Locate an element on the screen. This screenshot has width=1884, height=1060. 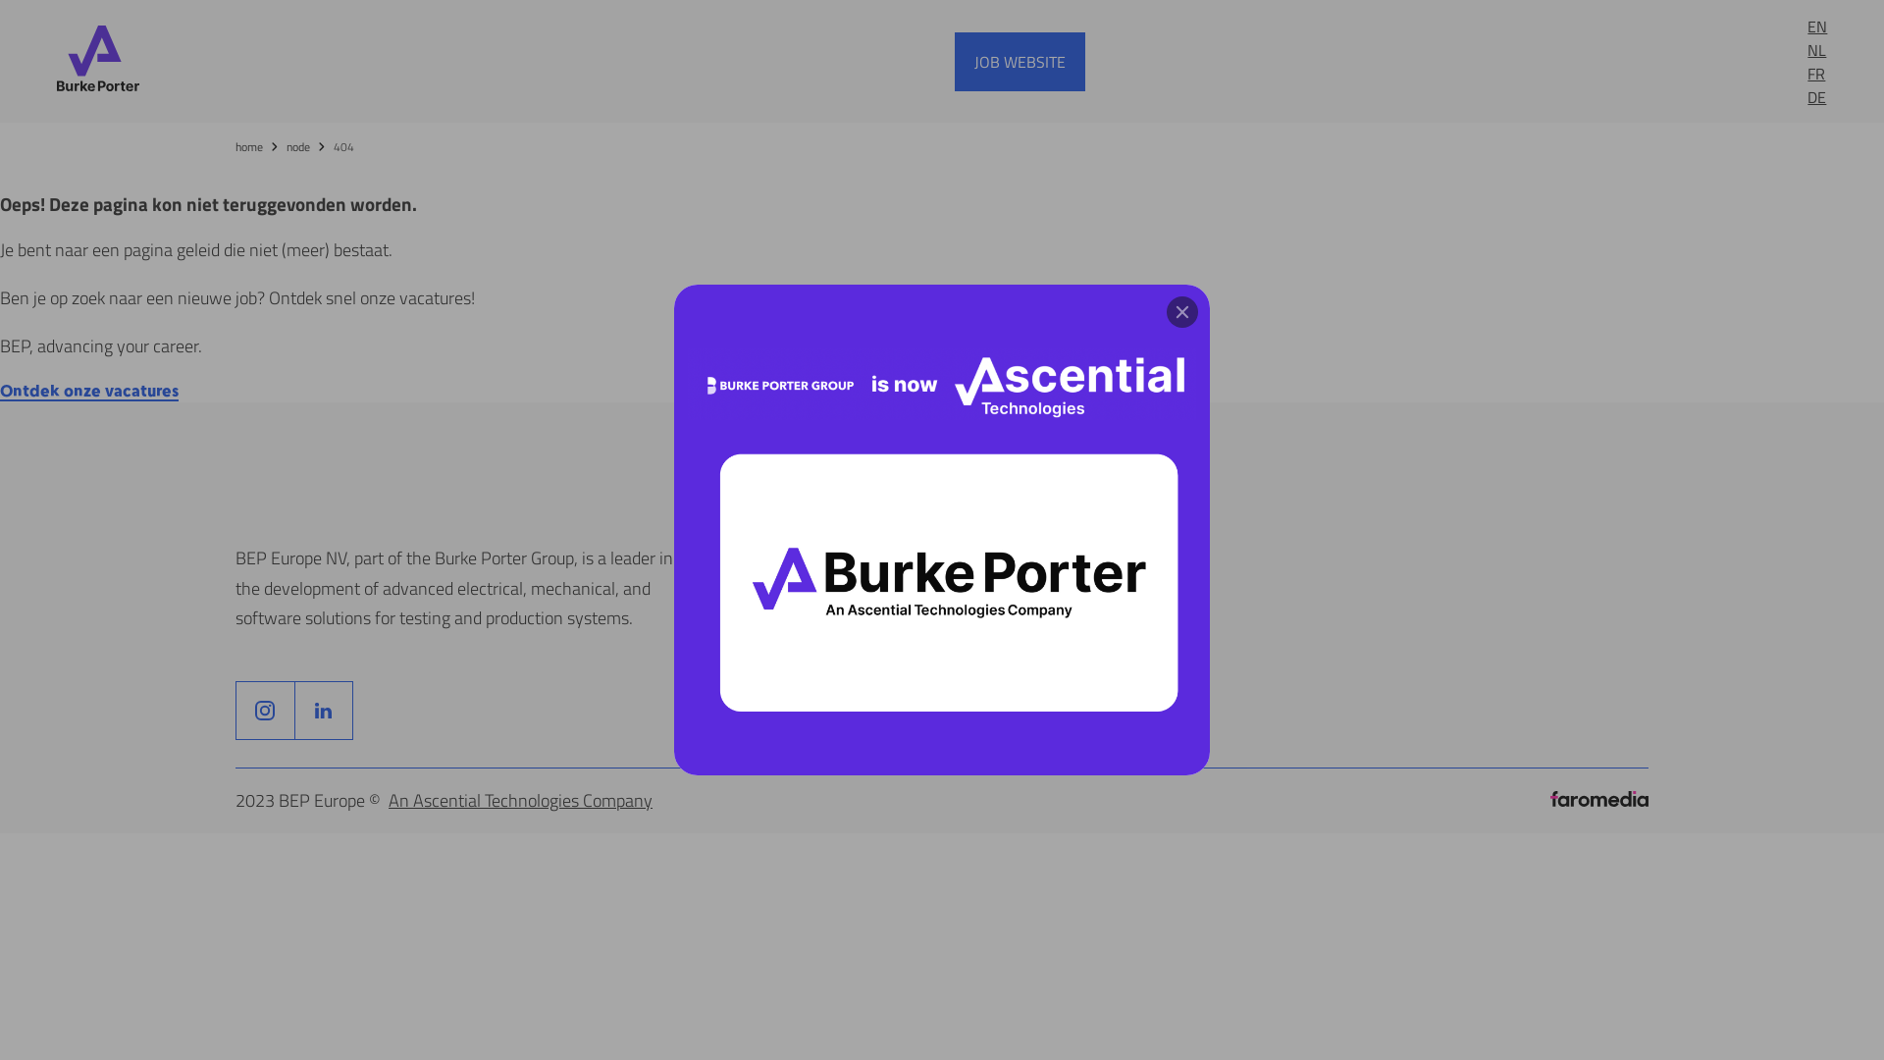
'privacy policy' is located at coordinates (1073, 648).